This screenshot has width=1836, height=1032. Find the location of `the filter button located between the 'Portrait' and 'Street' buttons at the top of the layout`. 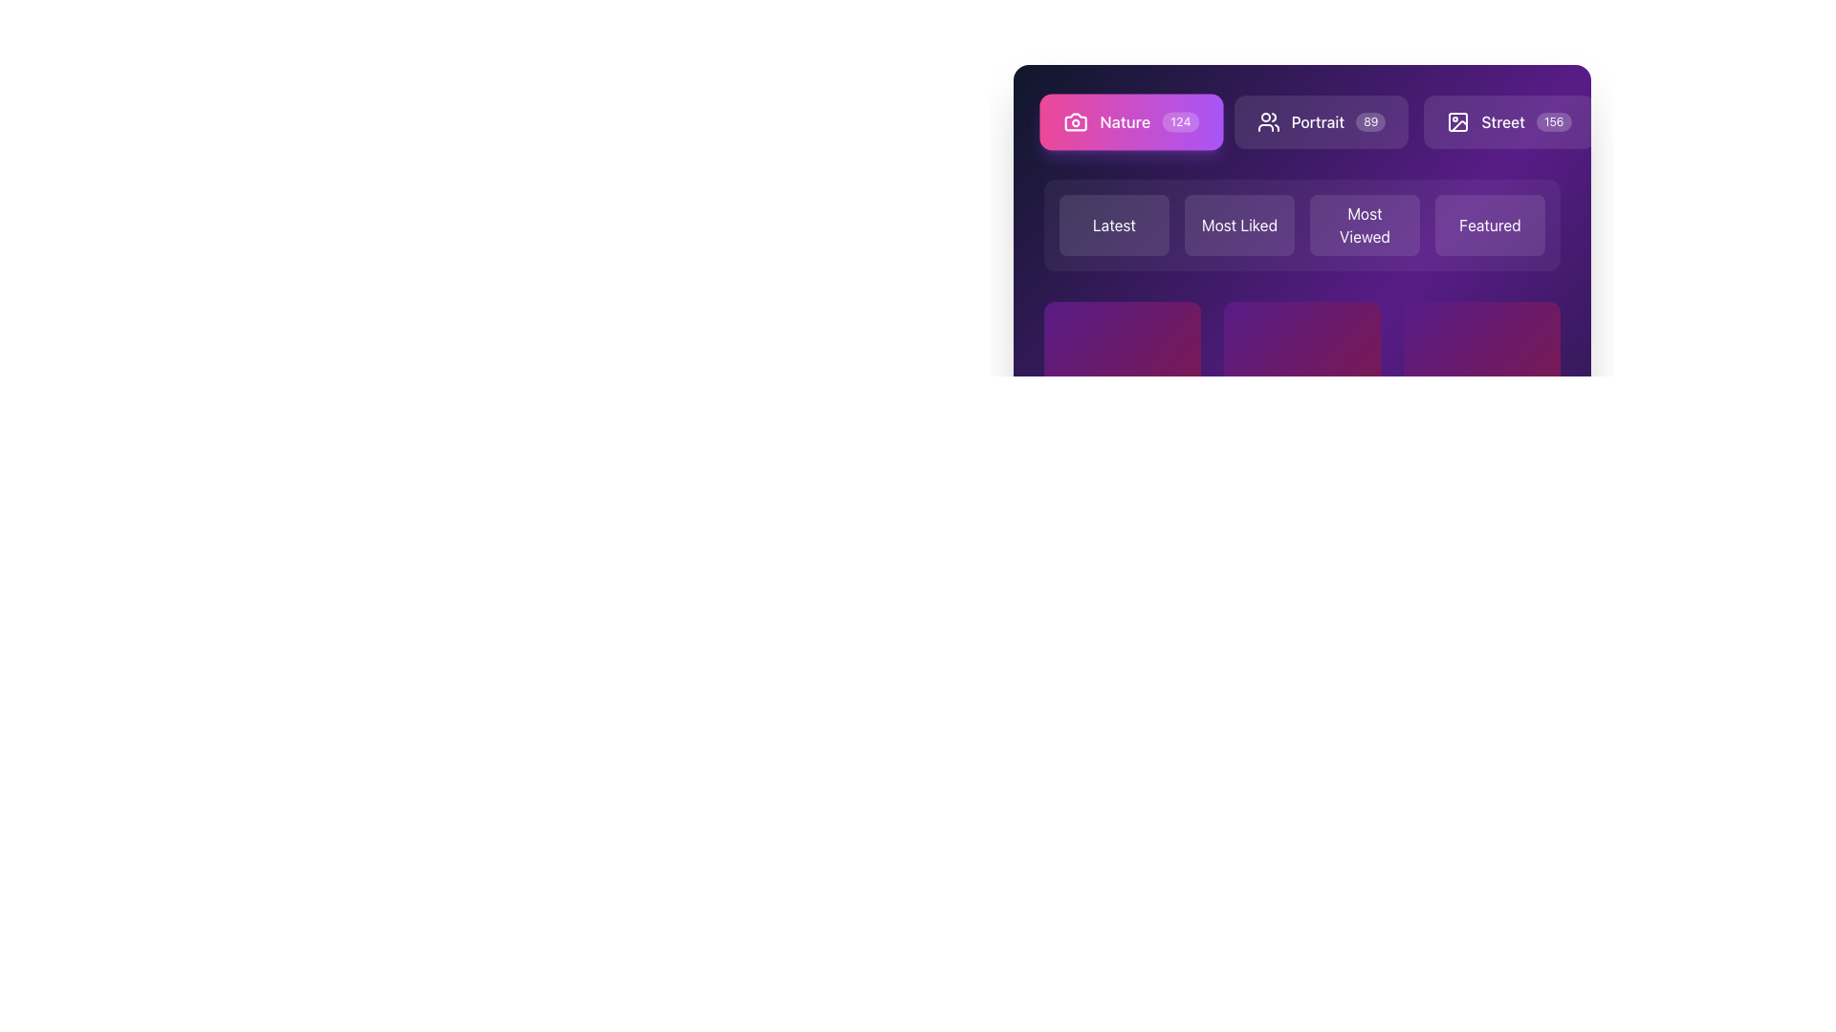

the filter button located between the 'Portrait' and 'Street' buttons at the top of the layout is located at coordinates (1418, 121).